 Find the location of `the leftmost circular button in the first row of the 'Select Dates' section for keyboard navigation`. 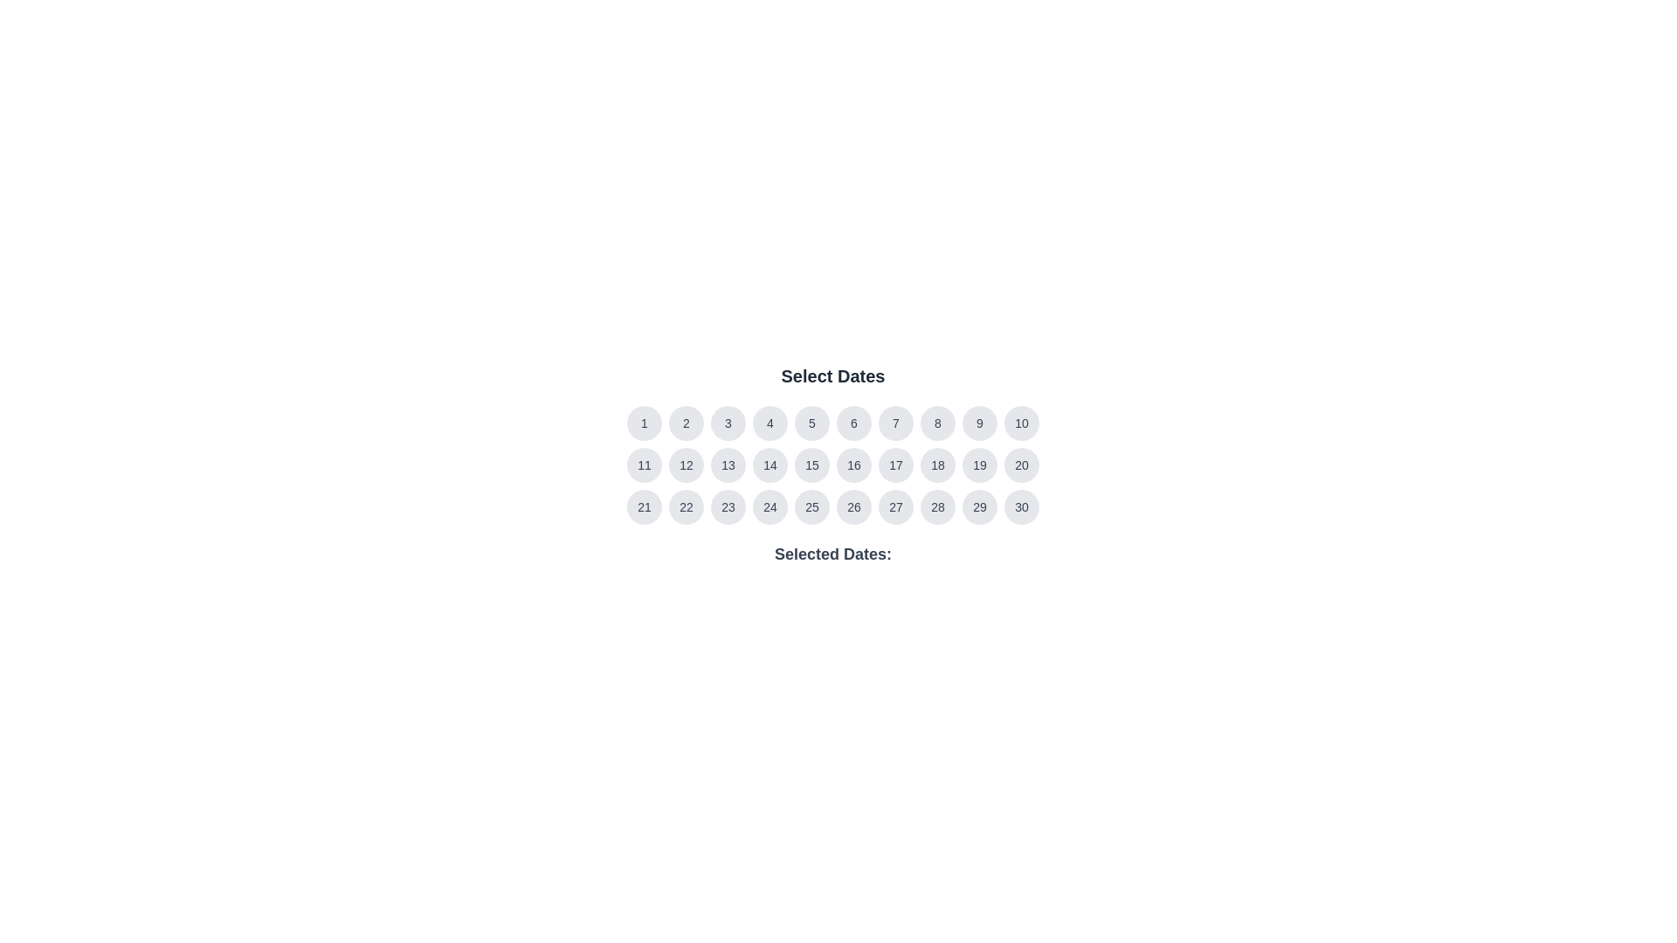

the leftmost circular button in the first row of the 'Select Dates' section for keyboard navigation is located at coordinates (644, 423).